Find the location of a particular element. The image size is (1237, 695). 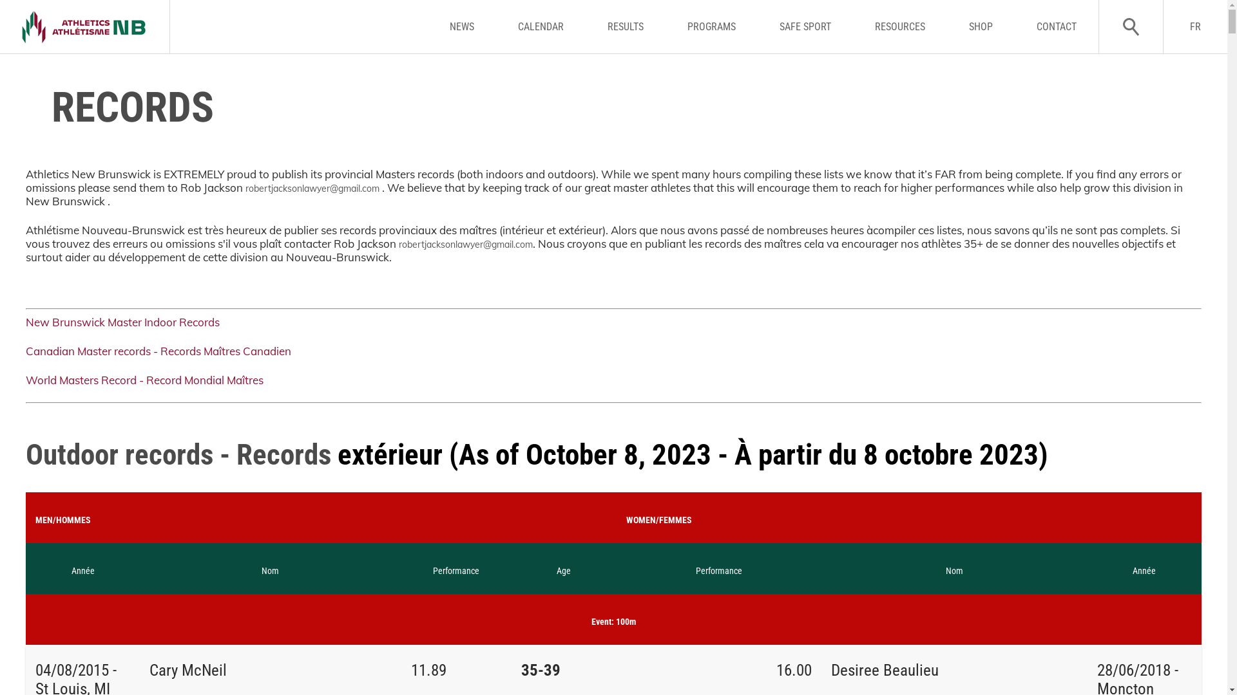

'FR' is located at coordinates (1162, 26).